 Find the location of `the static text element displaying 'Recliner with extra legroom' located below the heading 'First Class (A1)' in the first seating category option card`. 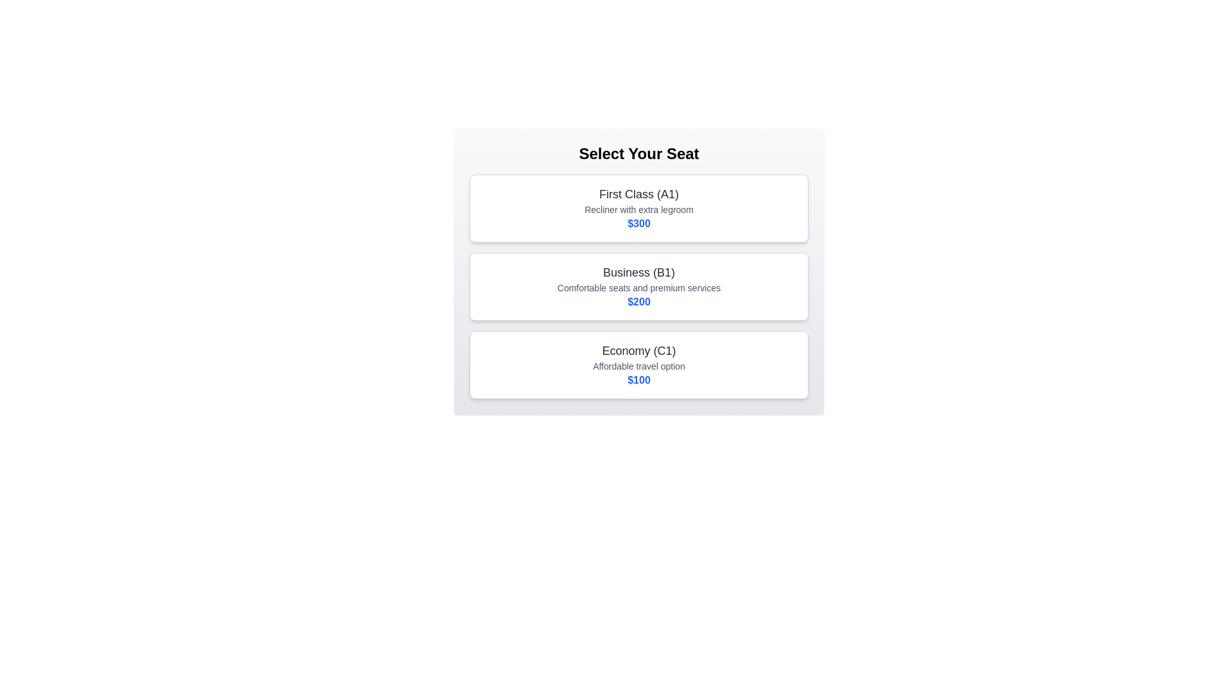

the static text element displaying 'Recliner with extra legroom' located below the heading 'First Class (A1)' in the first seating category option card is located at coordinates (639, 209).